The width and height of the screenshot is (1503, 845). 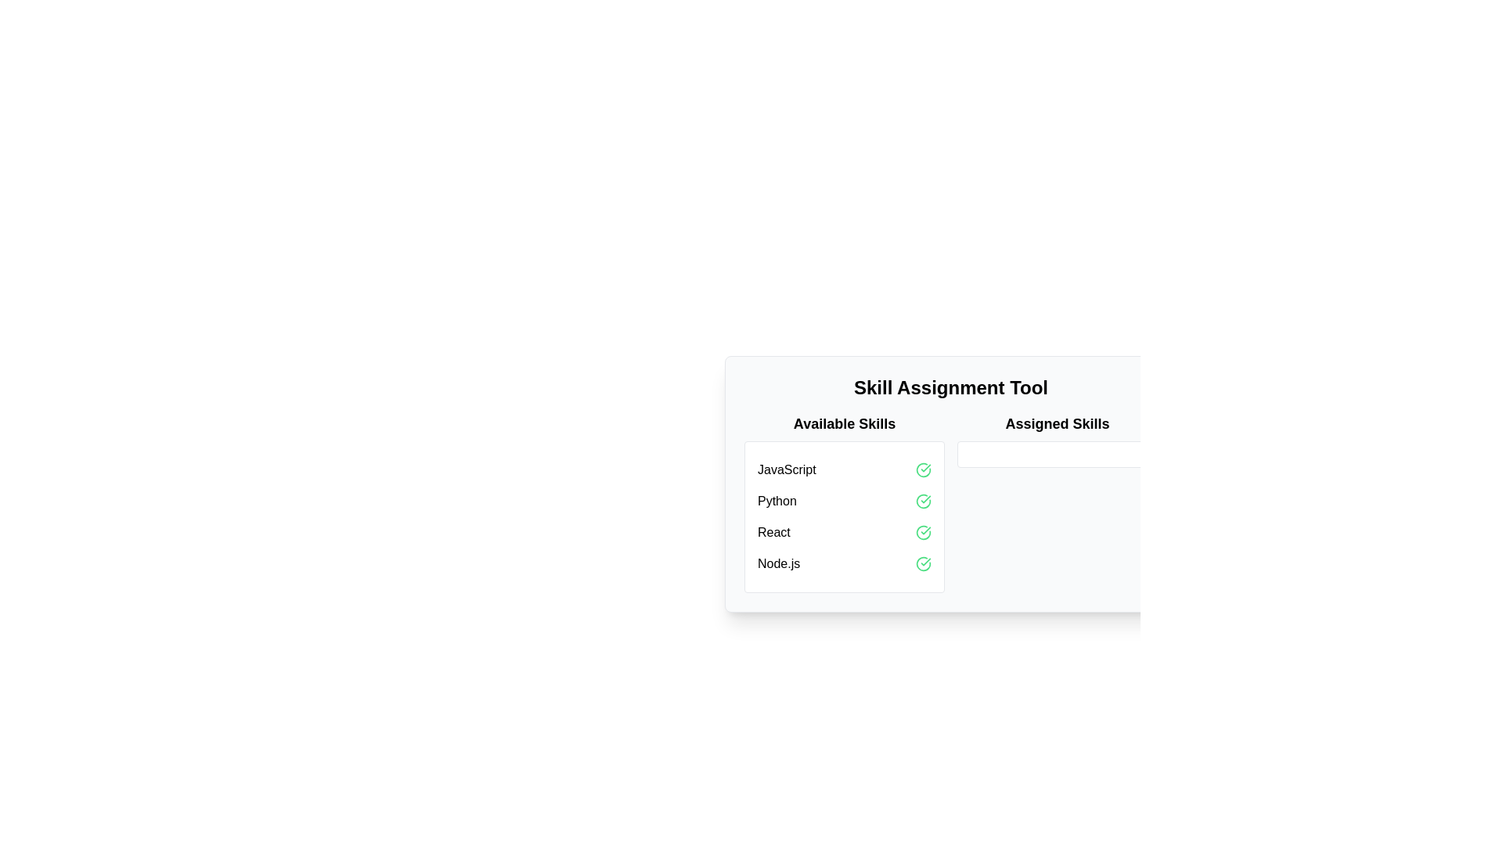 I want to click on the 'React' skill status icon located at the end of the 'React' row in the 'Available Skills' list, adjacent to the label 'React', so click(x=924, y=532).